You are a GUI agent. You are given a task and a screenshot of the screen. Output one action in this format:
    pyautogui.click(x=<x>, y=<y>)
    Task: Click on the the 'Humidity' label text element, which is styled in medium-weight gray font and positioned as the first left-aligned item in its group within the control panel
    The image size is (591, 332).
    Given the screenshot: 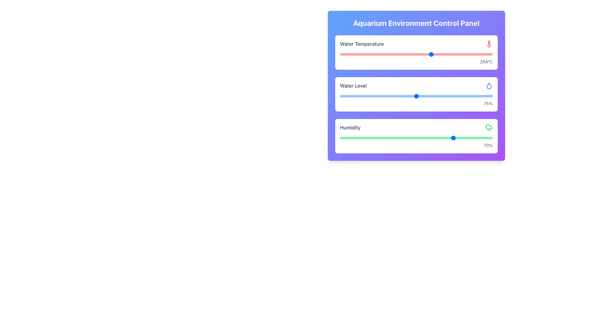 What is the action you would take?
    pyautogui.click(x=350, y=127)
    